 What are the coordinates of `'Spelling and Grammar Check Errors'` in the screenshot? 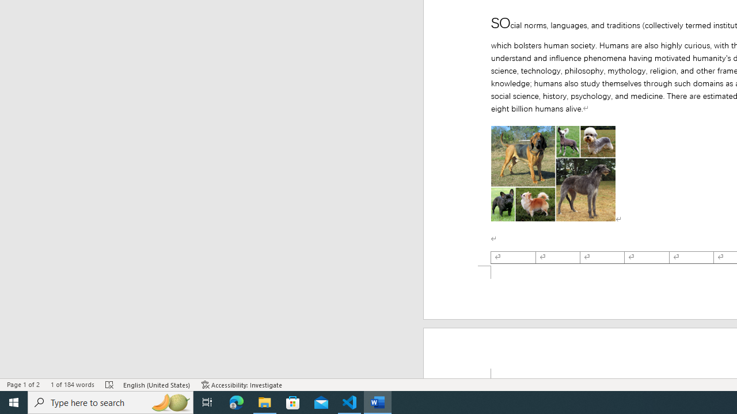 It's located at (110, 385).